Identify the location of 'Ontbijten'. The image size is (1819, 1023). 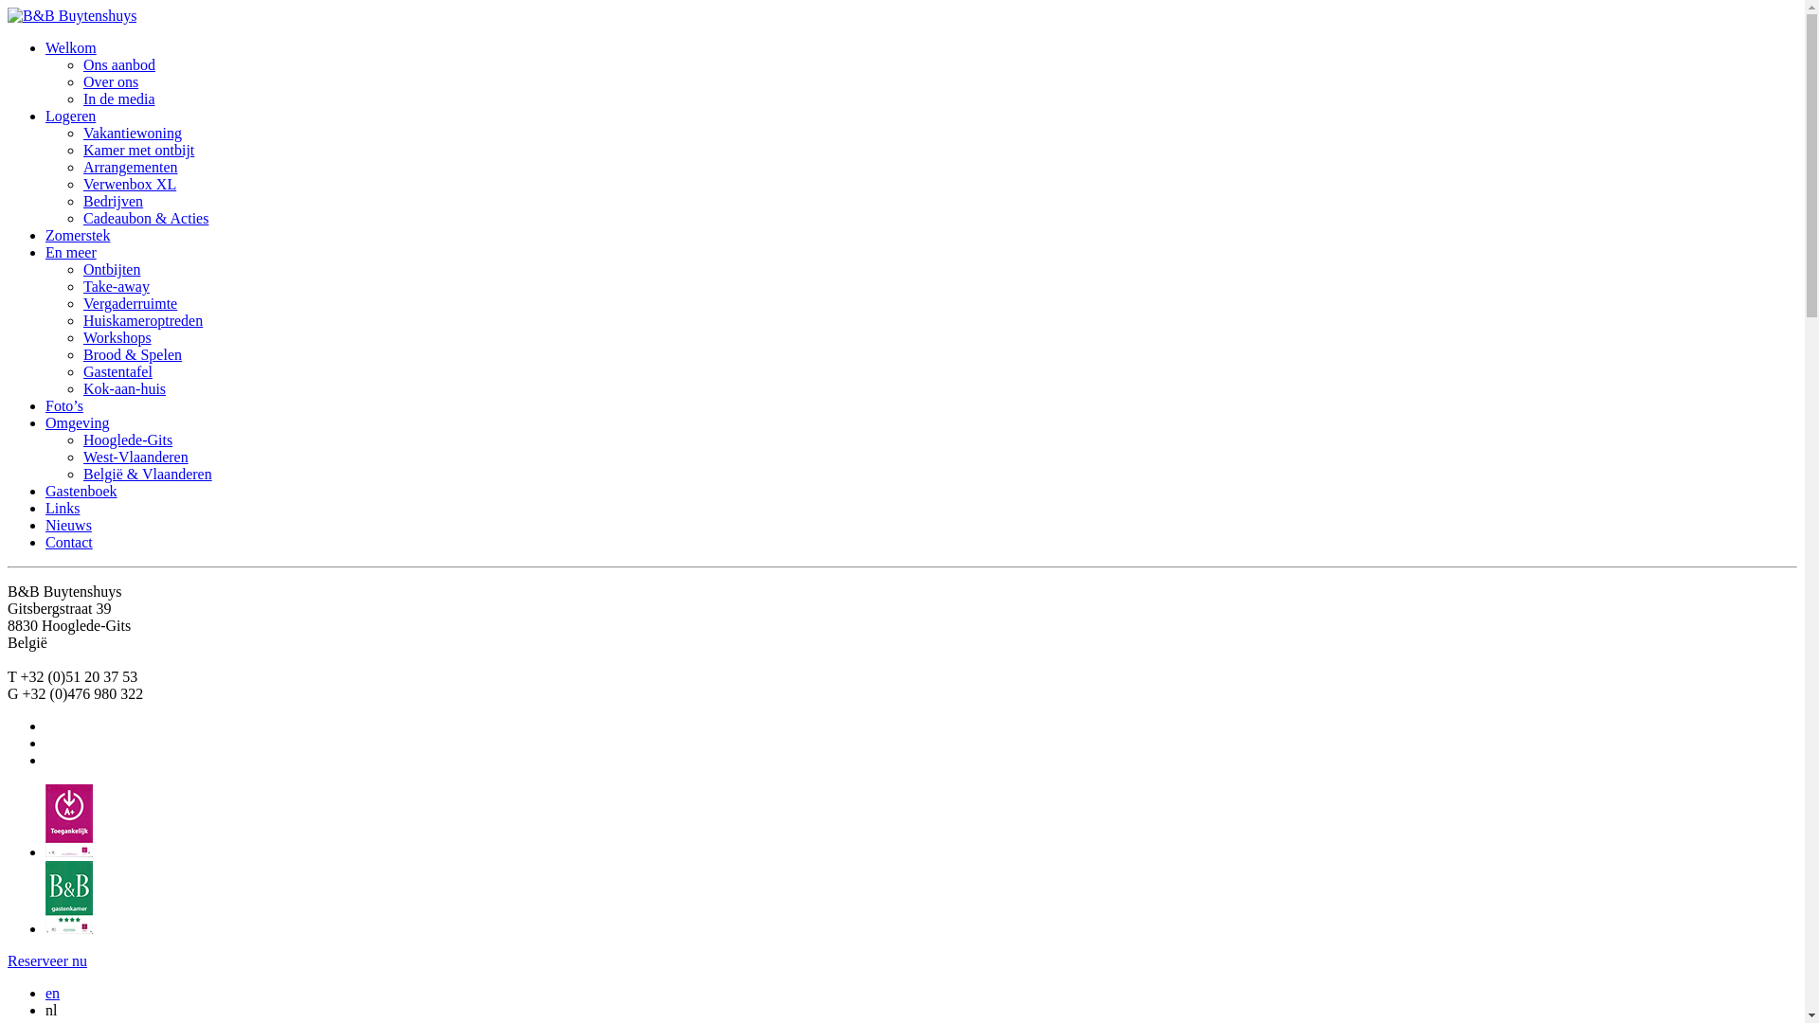
(111, 269).